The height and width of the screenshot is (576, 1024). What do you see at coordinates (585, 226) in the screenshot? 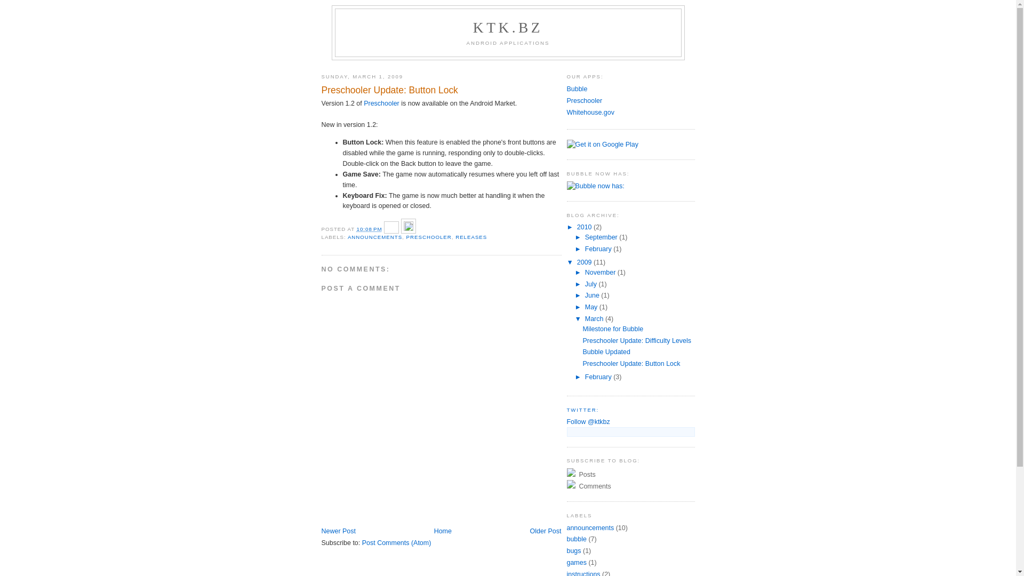
I see `'2010'` at bounding box center [585, 226].